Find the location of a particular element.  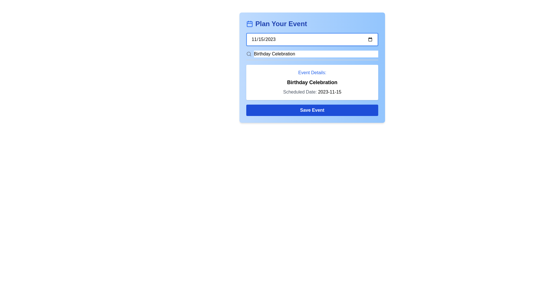

the text label that serves as the title 'Birthday Celebration', which is located directly below the 'Event Details:' heading is located at coordinates (312, 82).